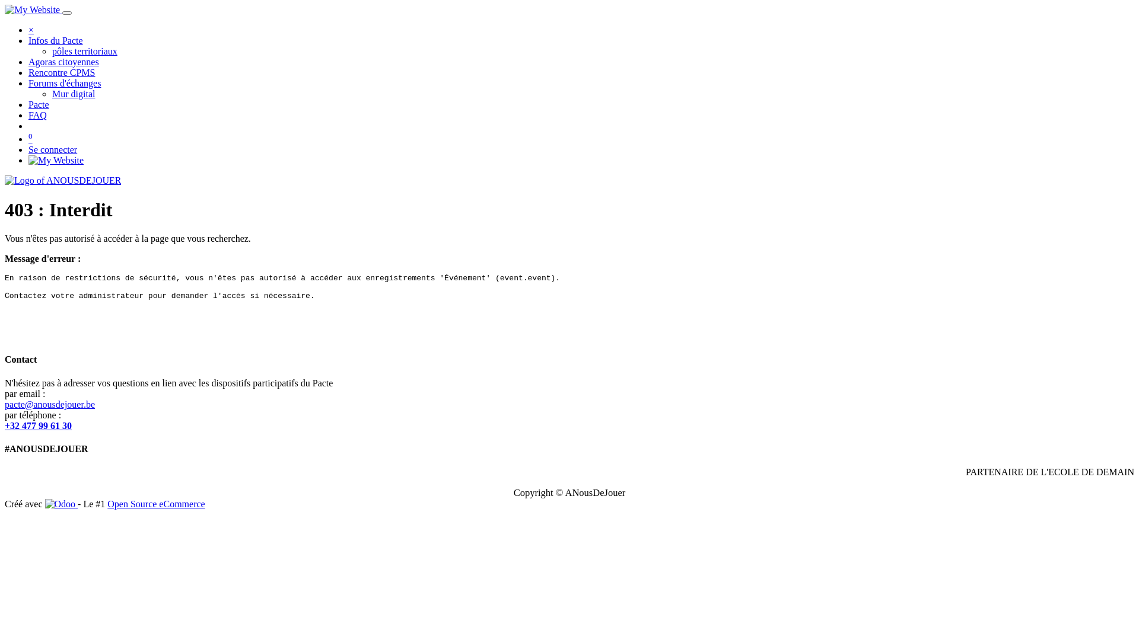 Image resolution: width=1139 pixels, height=640 pixels. What do you see at coordinates (28, 138) in the screenshot?
I see `'0'` at bounding box center [28, 138].